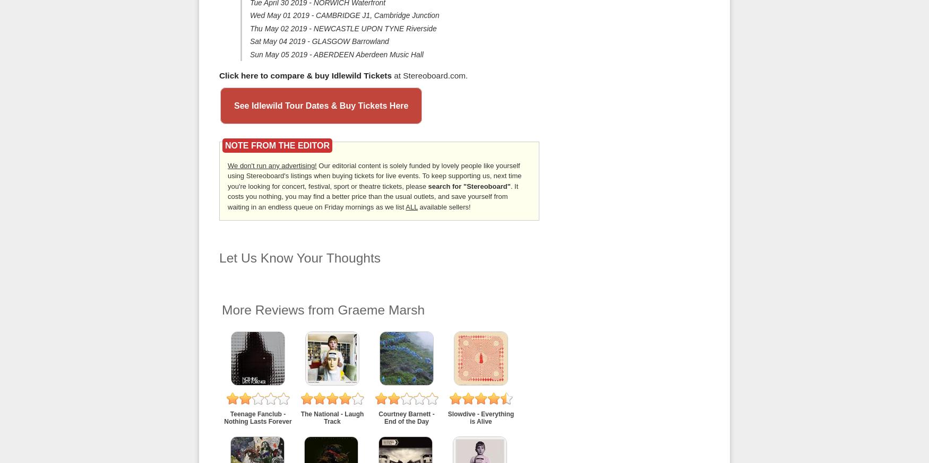  Describe the element at coordinates (305, 75) in the screenshot. I see `'Click here to compare & buy Idlewild Tickets'` at that location.